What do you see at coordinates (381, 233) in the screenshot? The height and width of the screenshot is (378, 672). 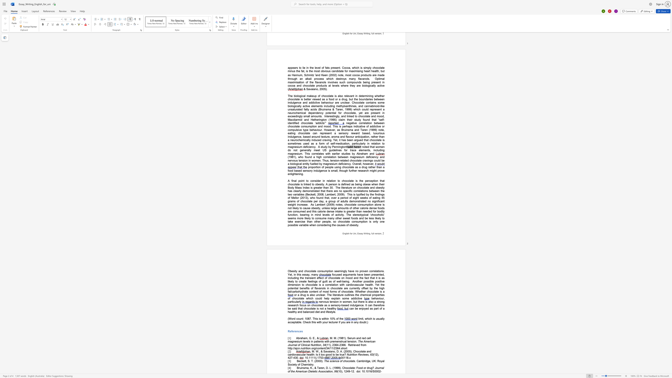 I see `the space between the continuous character "n" and "," in the text` at bounding box center [381, 233].